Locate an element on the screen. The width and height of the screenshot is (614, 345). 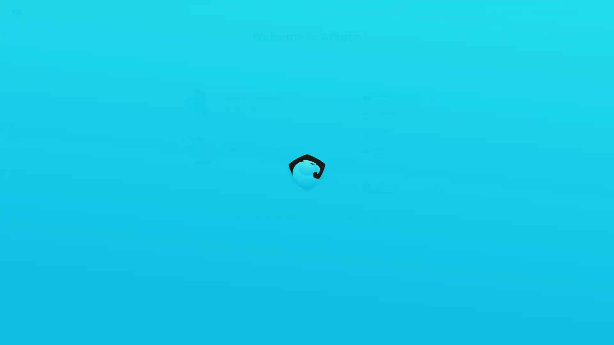
Ethereum is located at coordinates (515, 10).